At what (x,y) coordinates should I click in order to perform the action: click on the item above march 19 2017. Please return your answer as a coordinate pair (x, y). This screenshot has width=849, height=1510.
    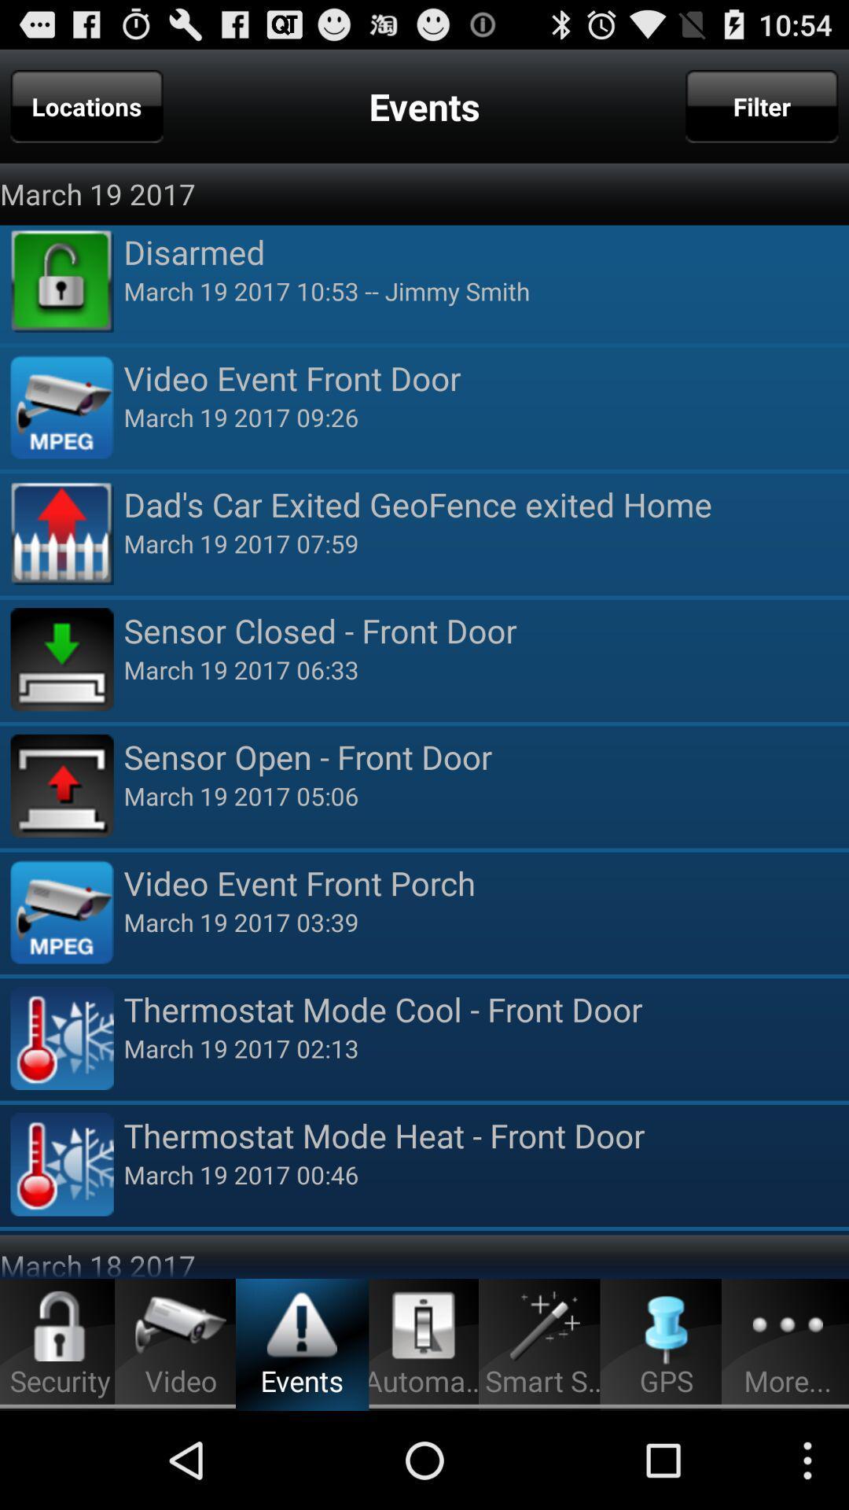
    Looking at the image, I should click on (86, 105).